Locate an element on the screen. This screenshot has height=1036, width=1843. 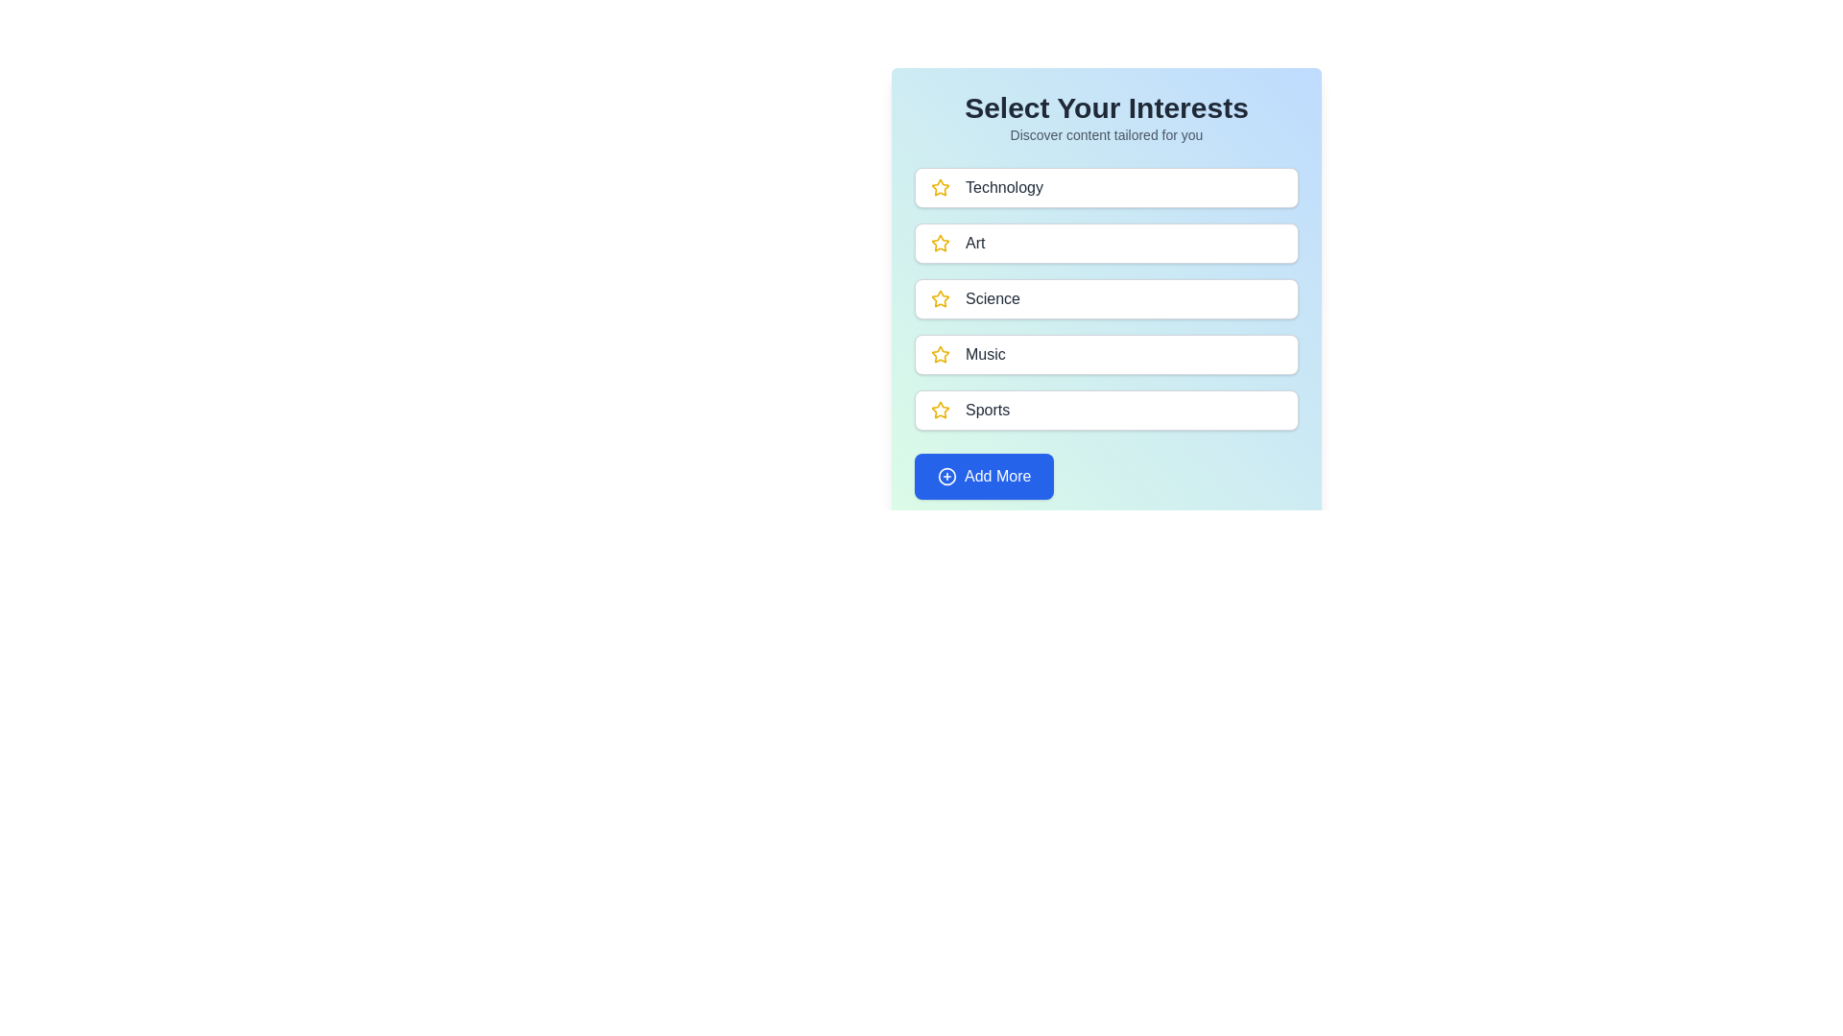
the button corresponding to Music to select the interest is located at coordinates (1106, 355).